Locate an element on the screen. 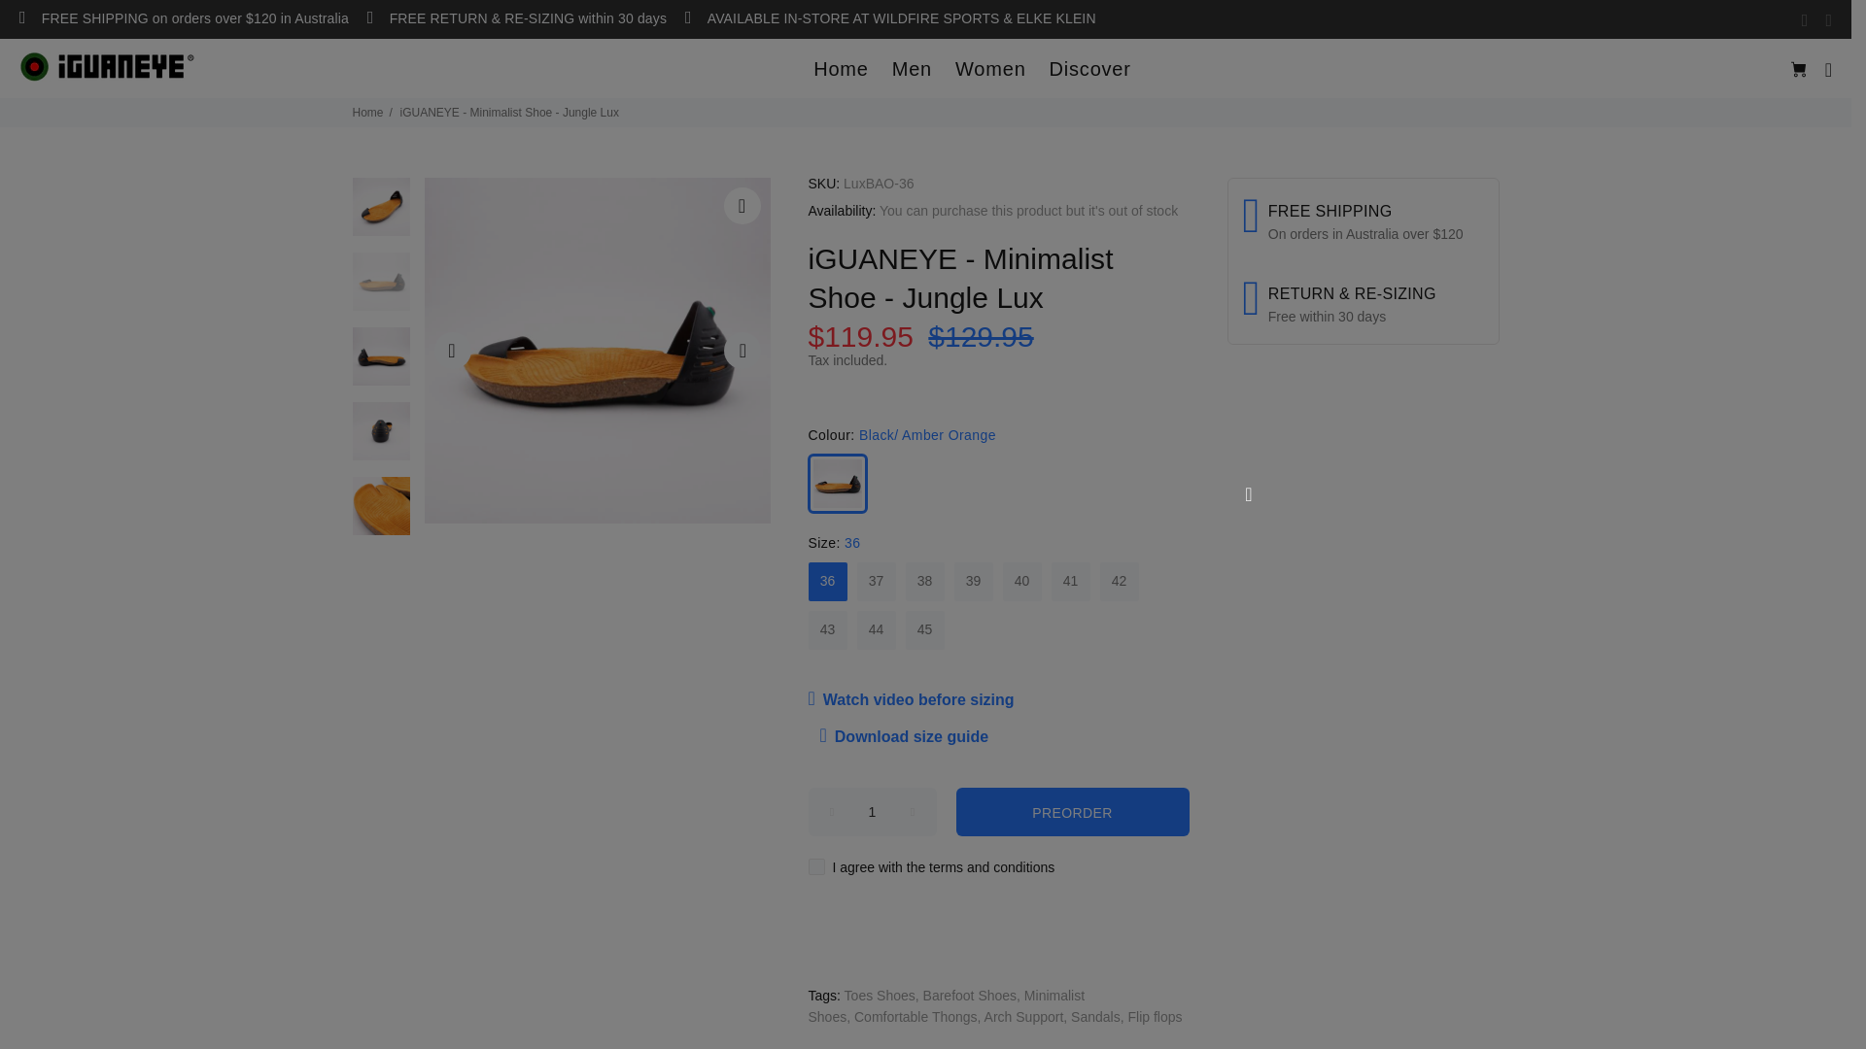 This screenshot has width=1866, height=1049. 'RETURN & RE-SIZING is located at coordinates (1361, 295).